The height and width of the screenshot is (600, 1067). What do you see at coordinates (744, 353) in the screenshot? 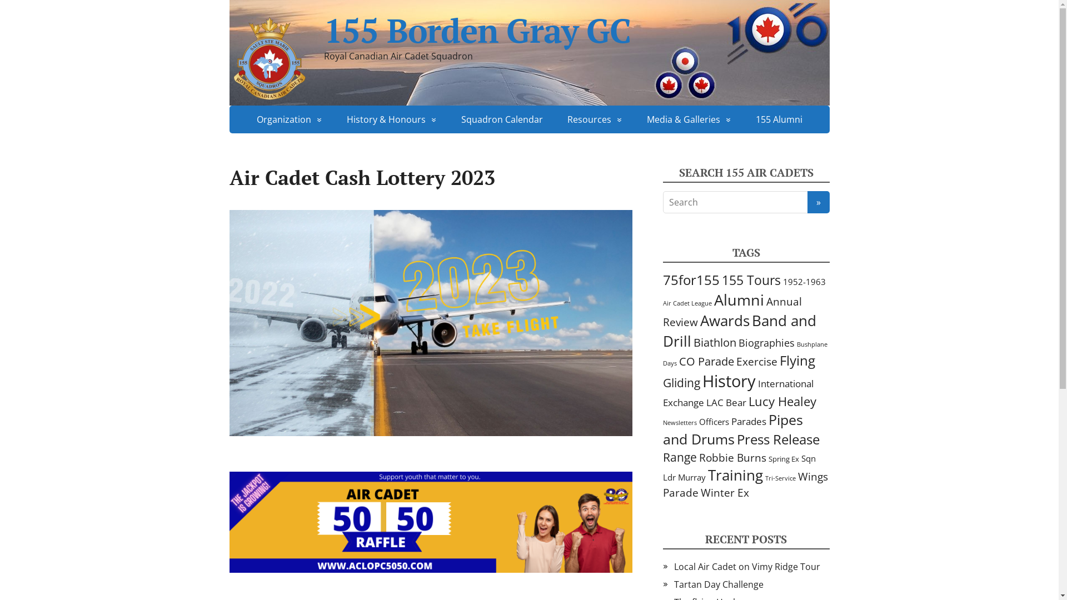
I see `'Bushplane Days'` at bounding box center [744, 353].